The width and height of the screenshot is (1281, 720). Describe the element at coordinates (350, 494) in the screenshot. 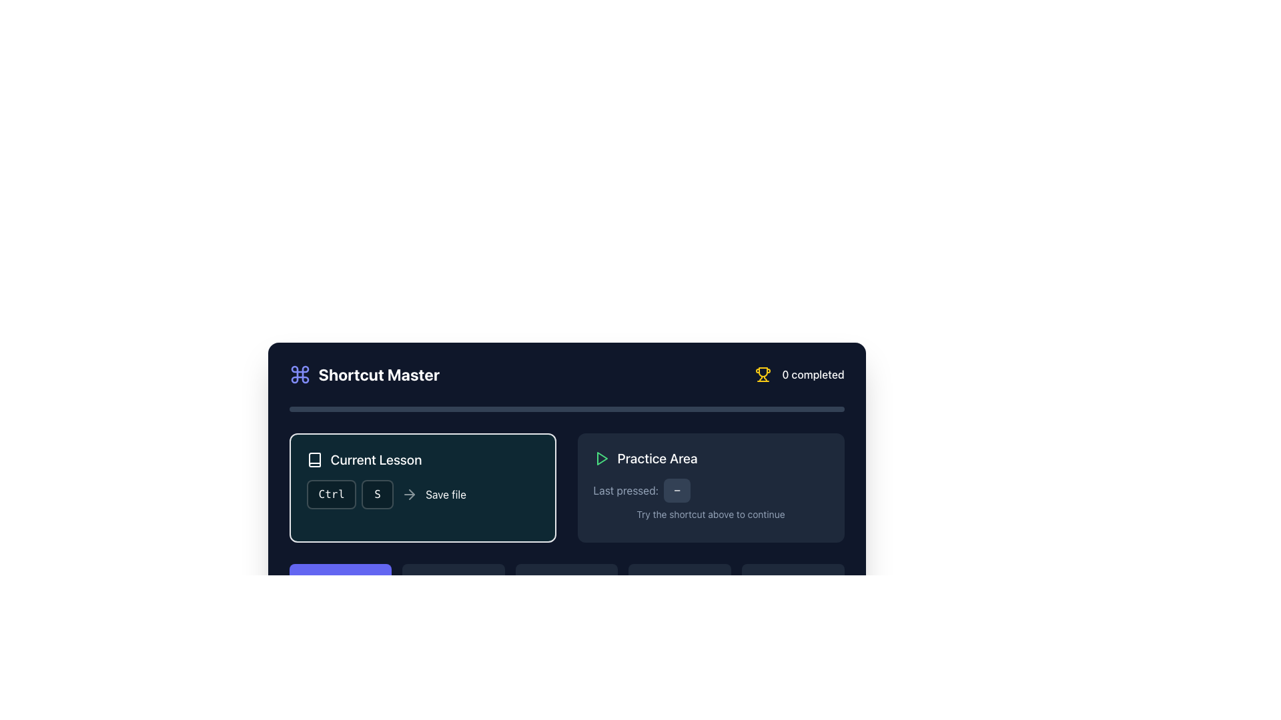

I see `text from the compact rectangular box labeled 'Ctrl S', which is styled to resemble keyboard keys and is located centrally within the 'Current Lesson' card` at that location.